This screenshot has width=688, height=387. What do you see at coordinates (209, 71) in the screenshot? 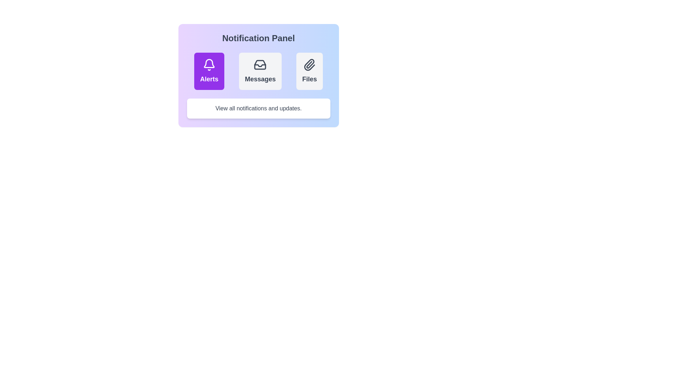
I see `the notification category Alerts by clicking on its button` at bounding box center [209, 71].